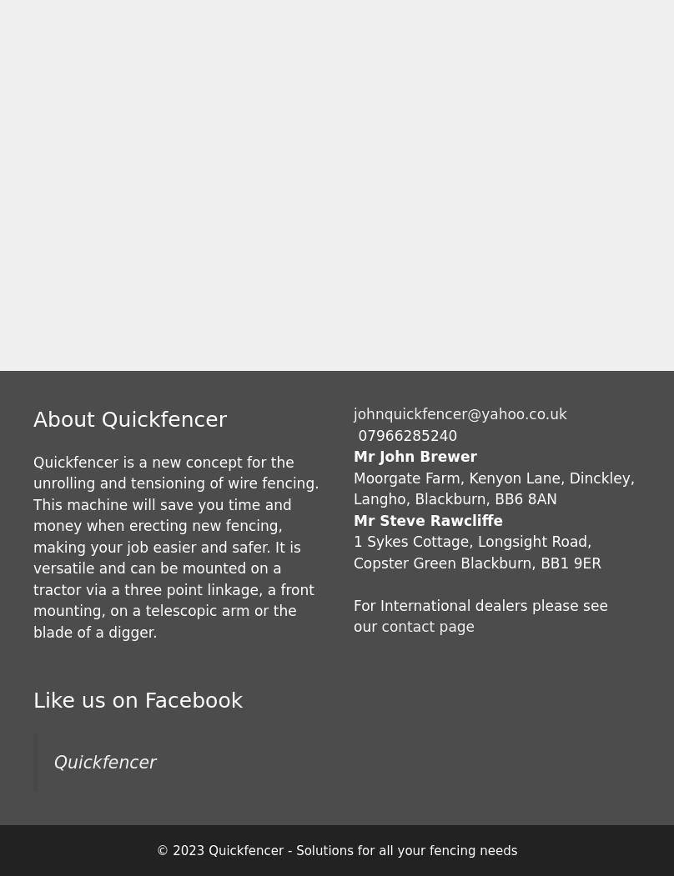 The width and height of the screenshot is (674, 876). What do you see at coordinates (335, 850) in the screenshot?
I see `'© 2023 Quickfencer - Solutions for all your fencing needs'` at bounding box center [335, 850].